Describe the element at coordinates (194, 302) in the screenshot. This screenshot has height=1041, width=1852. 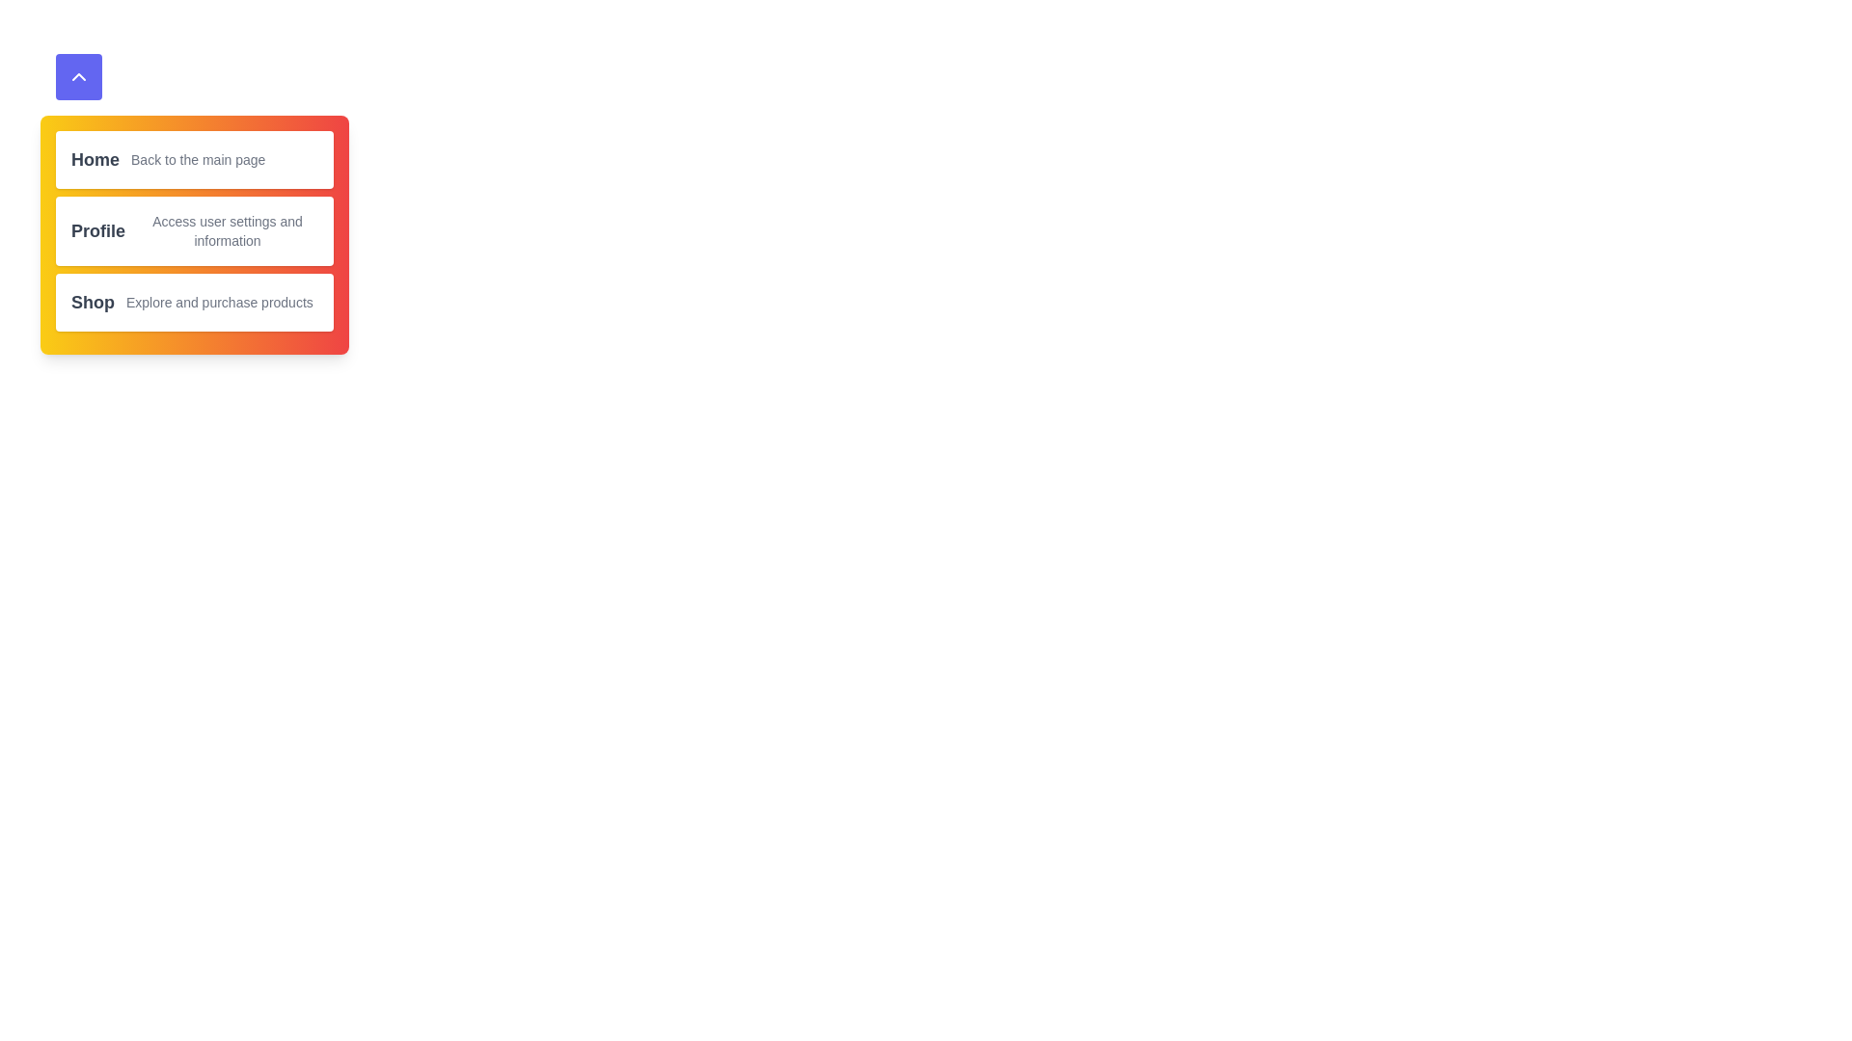
I see `the menu item corresponding to Shop` at that location.